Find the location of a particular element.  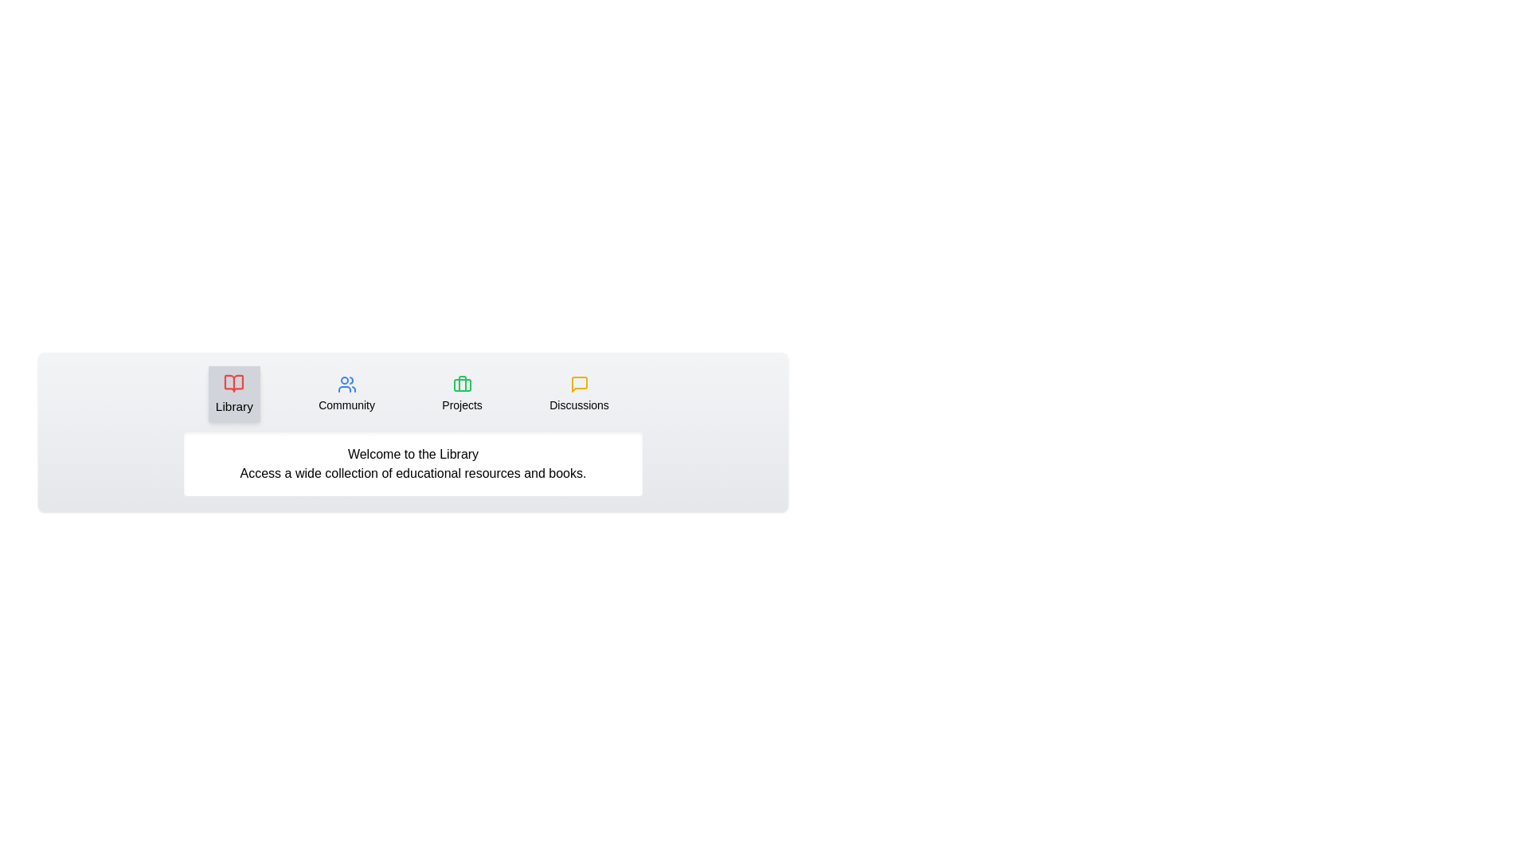

the 'Discussions' button, which is a rounded rectangular element featuring a yellow speech bubble icon above the word 'Discussions' is located at coordinates (578, 393).